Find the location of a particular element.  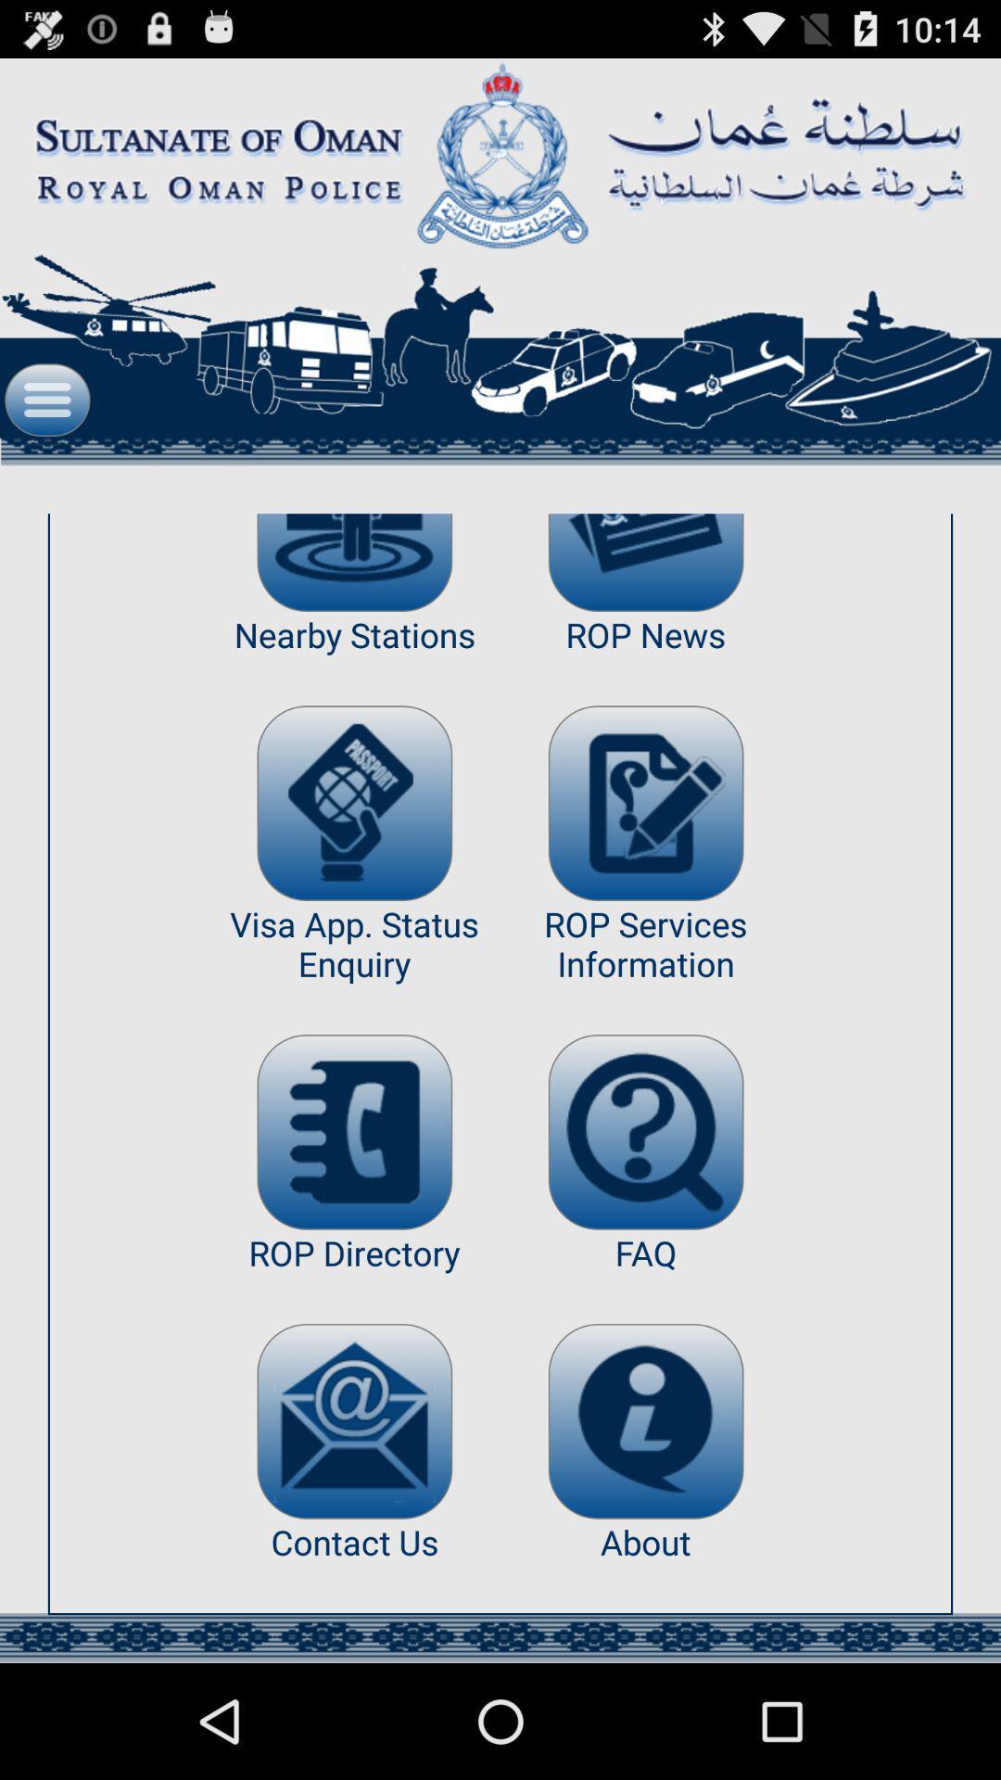

the email icon is located at coordinates (354, 1521).